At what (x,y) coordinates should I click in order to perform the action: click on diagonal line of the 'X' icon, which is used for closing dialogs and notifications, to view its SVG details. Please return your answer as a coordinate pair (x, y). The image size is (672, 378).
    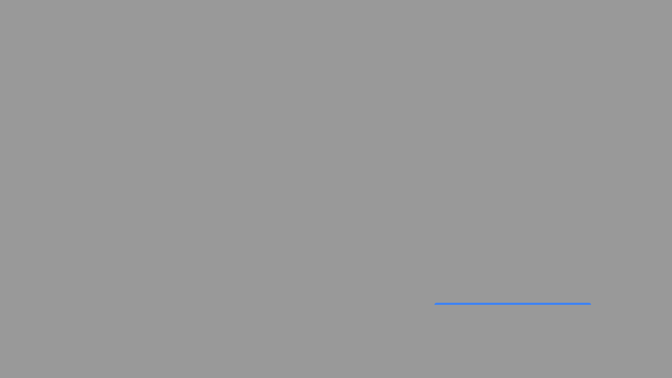
    Looking at the image, I should click on (582, 313).